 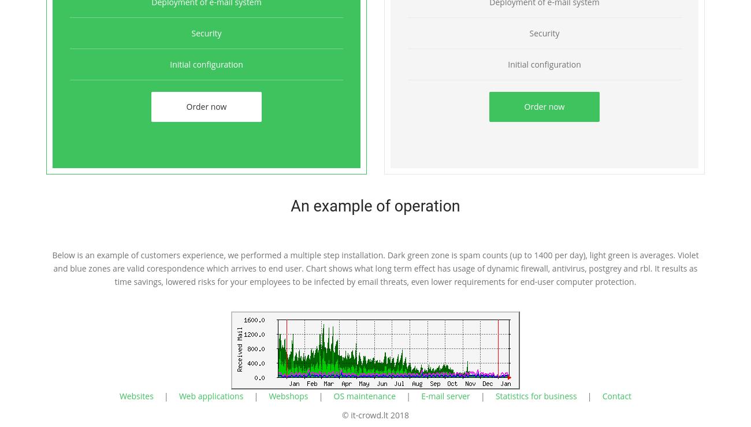 What do you see at coordinates (119, 395) in the screenshot?
I see `'Websites'` at bounding box center [119, 395].